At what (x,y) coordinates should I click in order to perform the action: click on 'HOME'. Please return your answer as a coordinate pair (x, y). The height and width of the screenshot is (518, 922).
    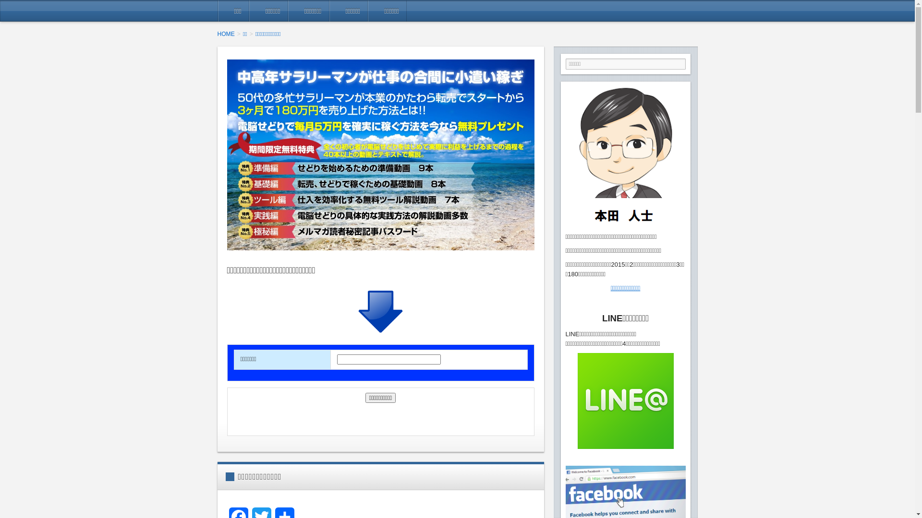
    Looking at the image, I should click on (228, 33).